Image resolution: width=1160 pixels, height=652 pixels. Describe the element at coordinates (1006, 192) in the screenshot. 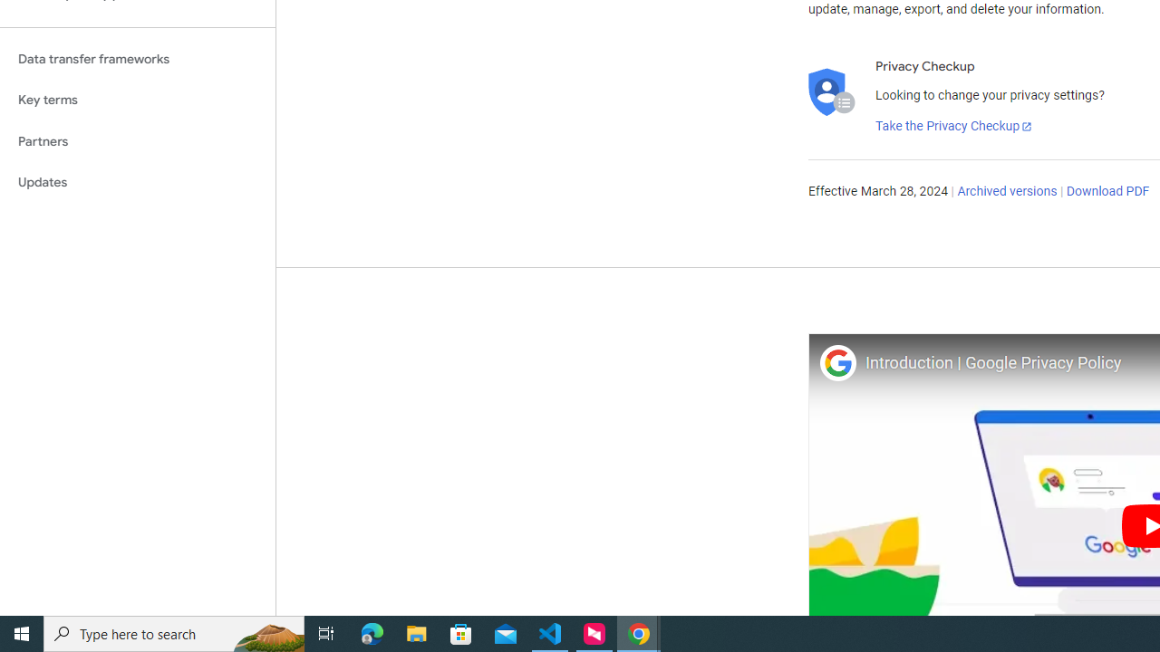

I see `'Archived versions'` at that location.